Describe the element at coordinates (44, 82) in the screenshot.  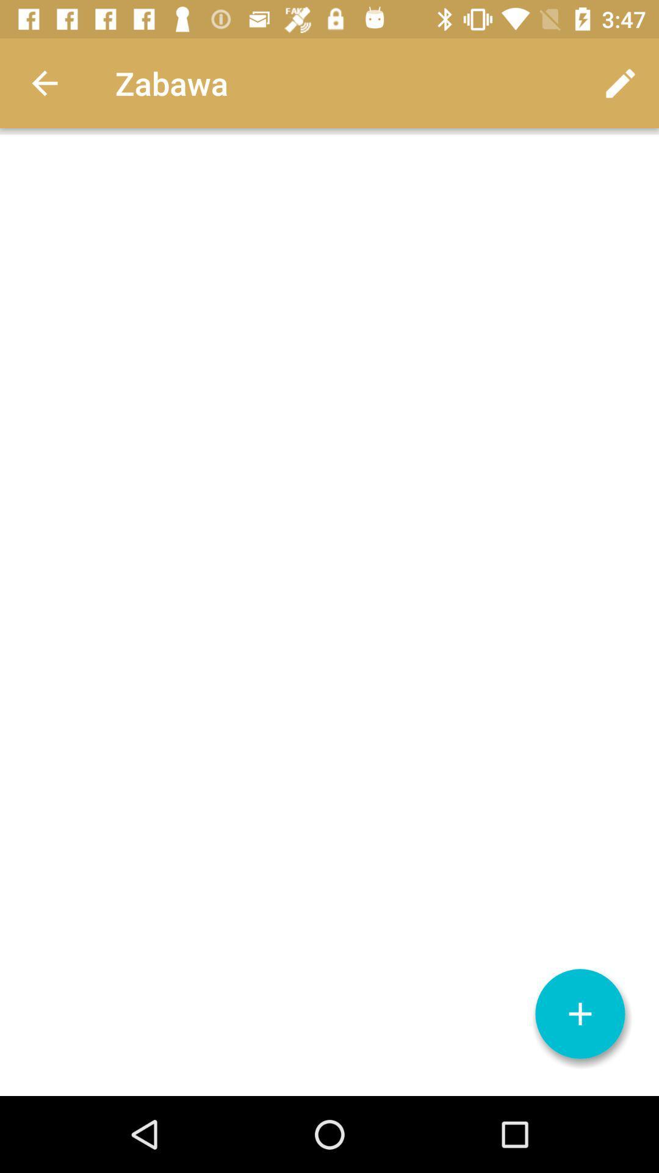
I see `item to the left of the zabawa item` at that location.